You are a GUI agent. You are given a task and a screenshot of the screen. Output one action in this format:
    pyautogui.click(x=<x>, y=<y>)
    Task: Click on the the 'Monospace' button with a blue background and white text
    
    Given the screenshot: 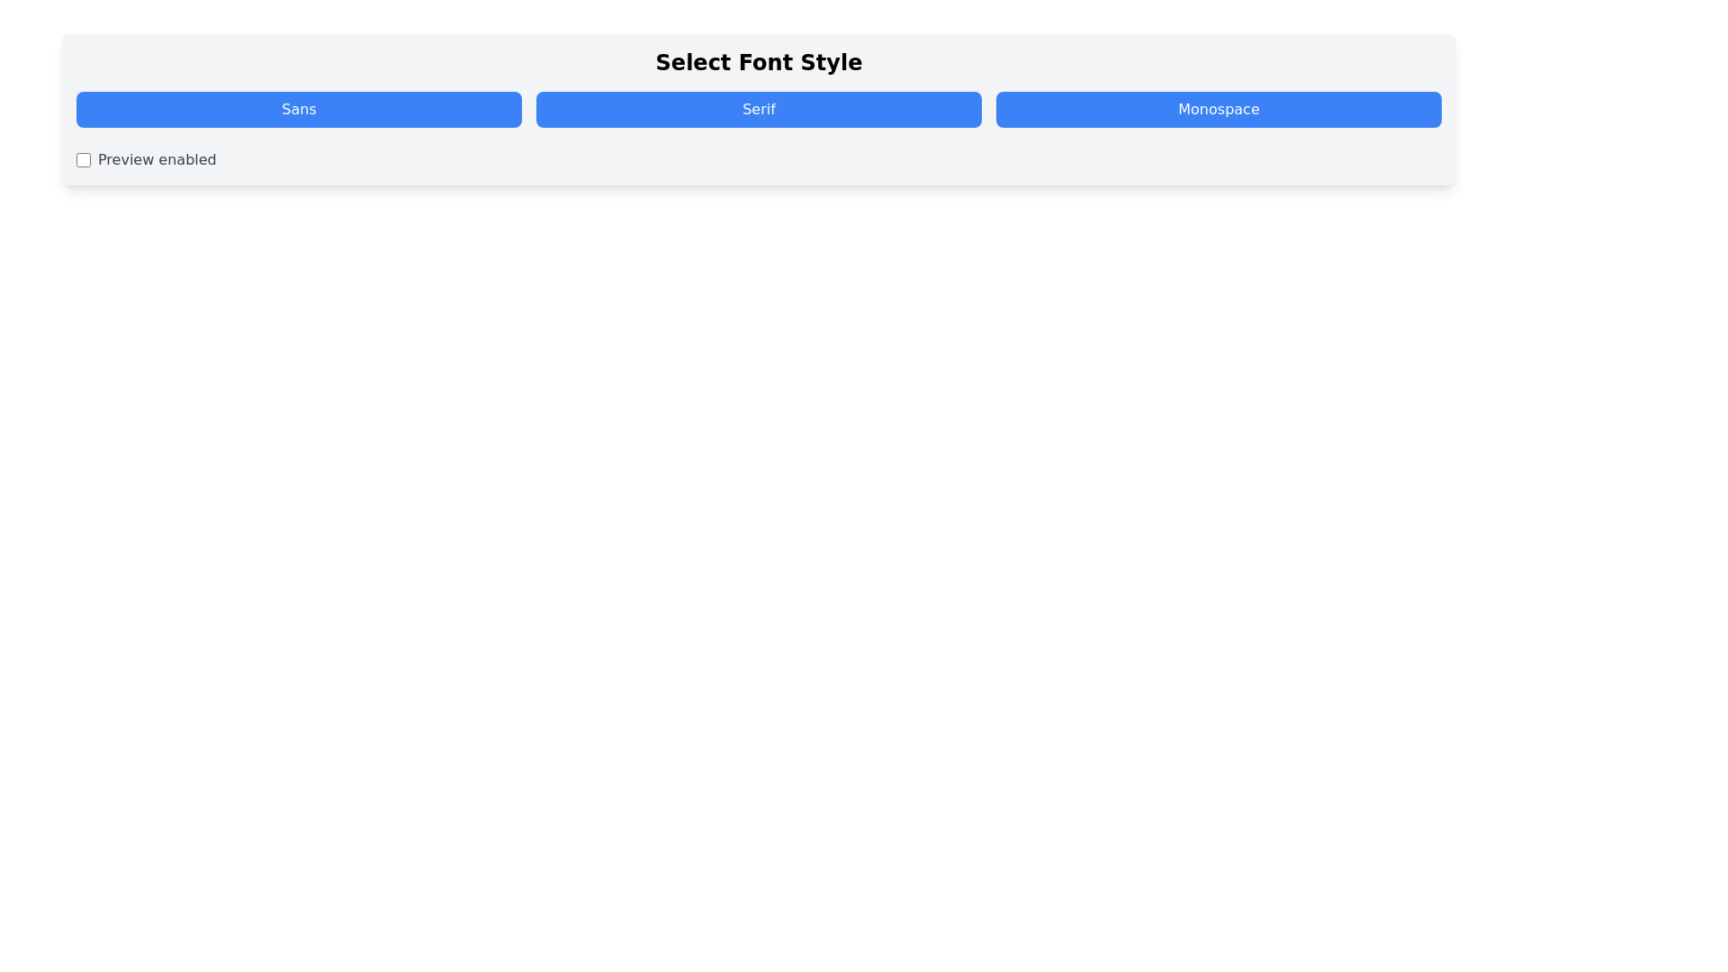 What is the action you would take?
    pyautogui.click(x=1219, y=110)
    